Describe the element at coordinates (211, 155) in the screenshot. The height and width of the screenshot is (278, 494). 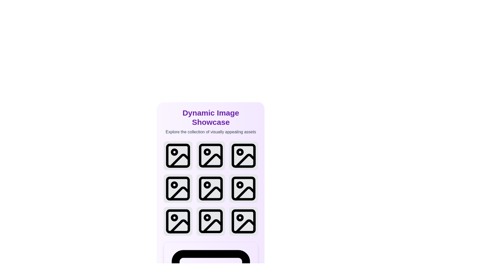
I see `the second box in the first row of a 3x3 grid layout, which serves as an interactive card or button for displaying or navigating to specific content` at that location.